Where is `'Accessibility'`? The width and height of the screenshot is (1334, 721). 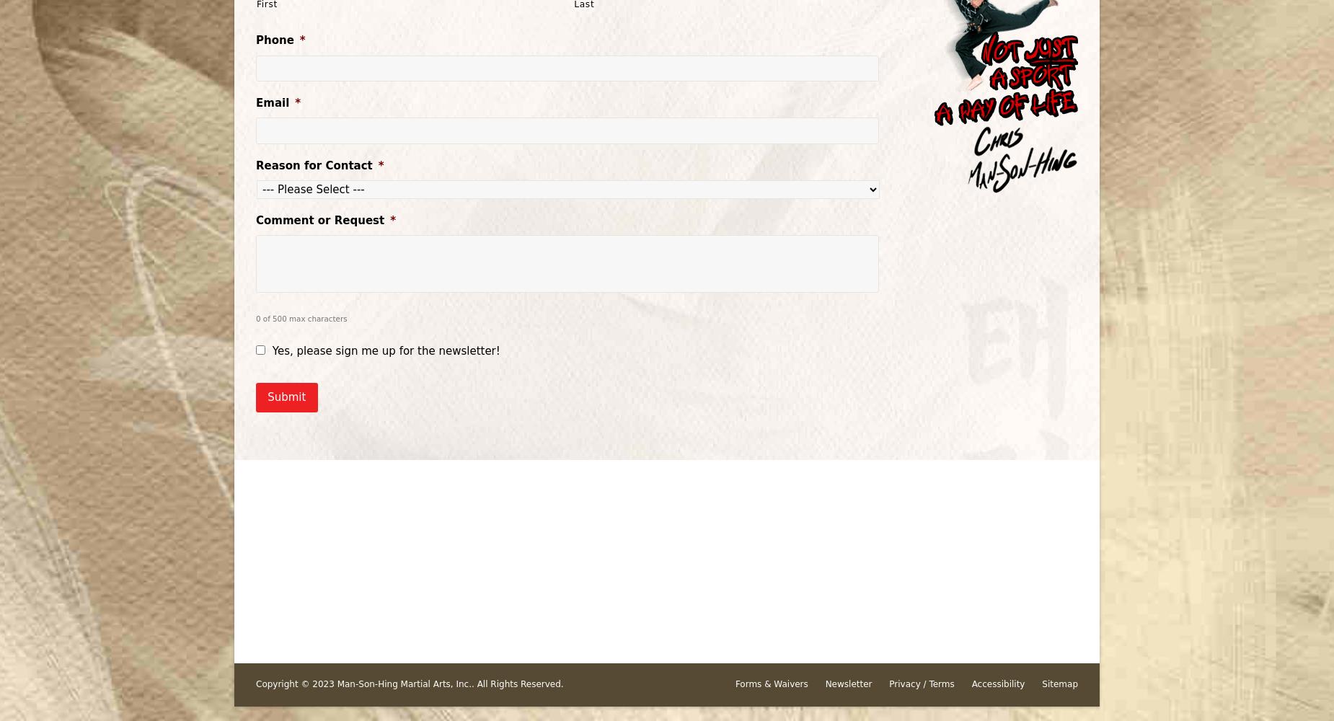 'Accessibility' is located at coordinates (997, 684).